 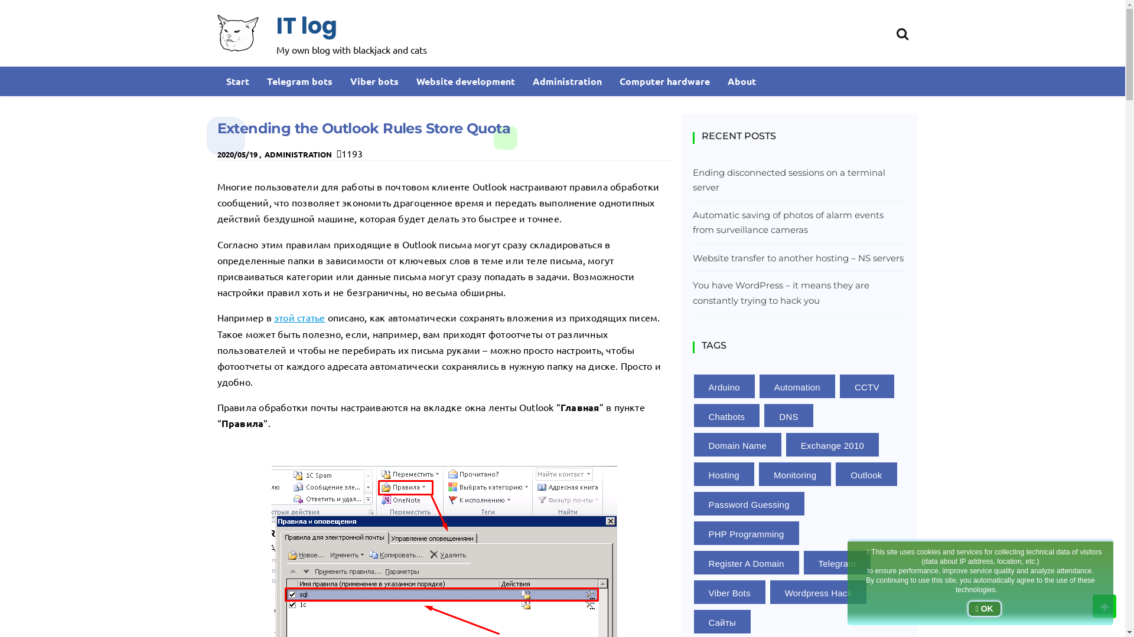 What do you see at coordinates (832, 444) in the screenshot?
I see `'Exchange 2010'` at bounding box center [832, 444].